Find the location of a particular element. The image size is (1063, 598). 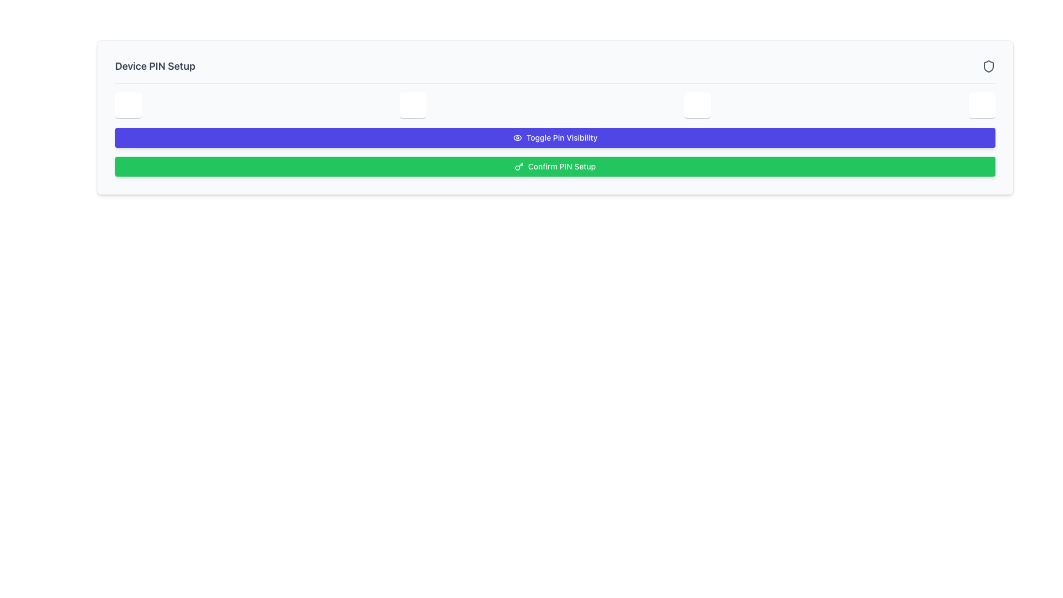

details about the security icon located on the left-hand side of the 'Confirm PIN Setup' button is located at coordinates (518, 166).